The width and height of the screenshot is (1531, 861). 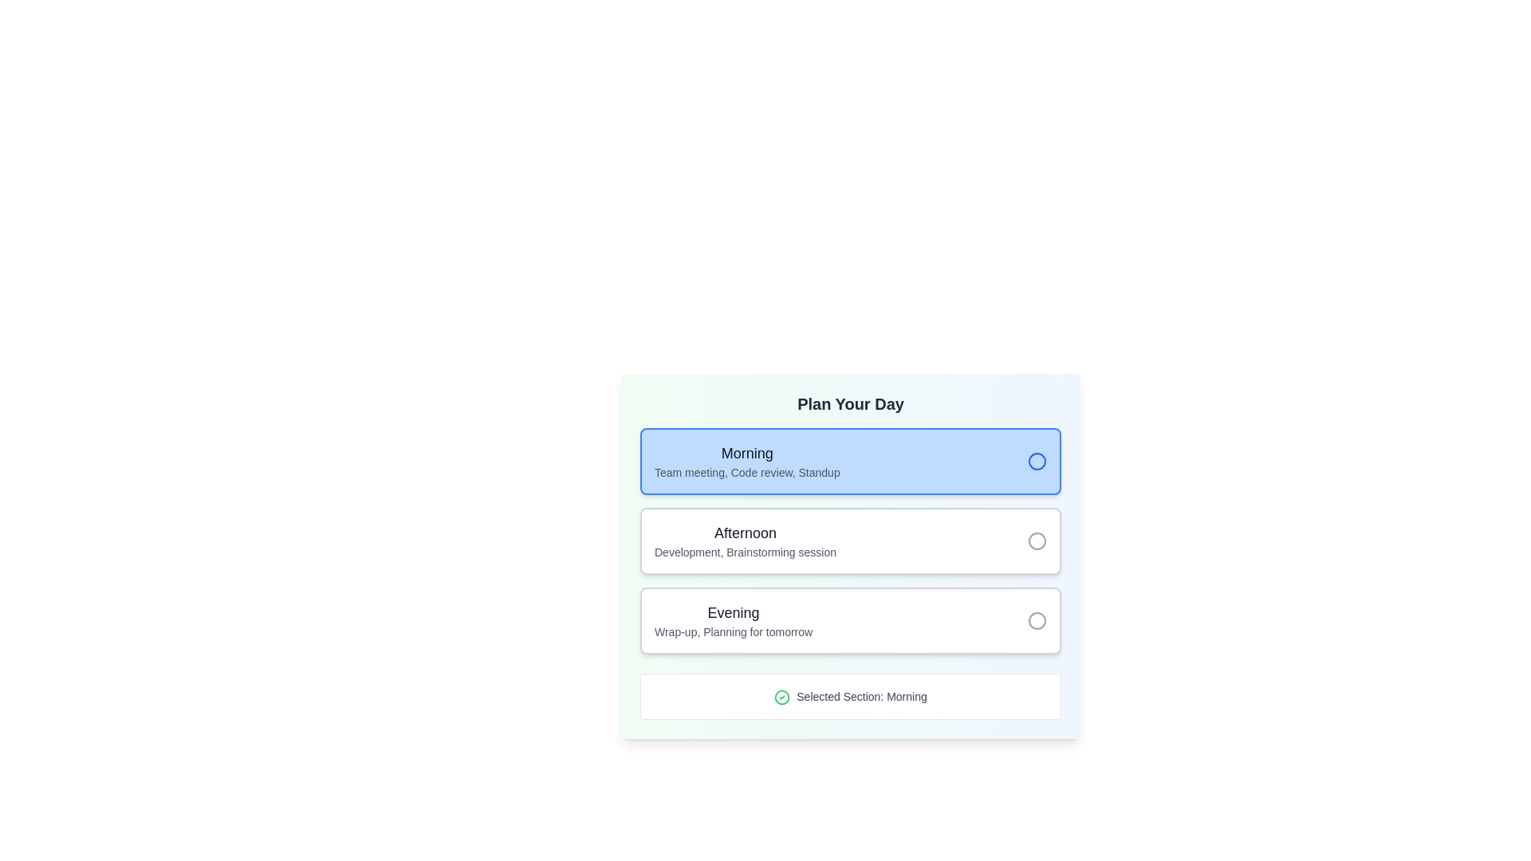 I want to click on the text 'Team meeting, Code review, Standup' located in the light blue rectangular section under the 'Morning' header in the 'Plan Your Day' interface, so click(x=746, y=472).